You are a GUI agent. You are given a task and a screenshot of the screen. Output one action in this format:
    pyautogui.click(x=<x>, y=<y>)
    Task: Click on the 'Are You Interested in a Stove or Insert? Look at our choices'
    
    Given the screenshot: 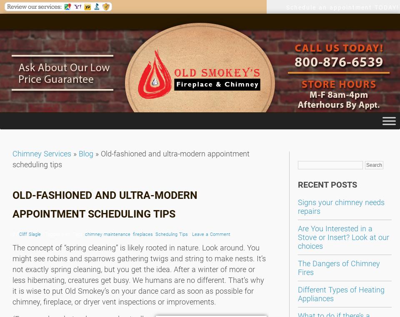 What is the action you would take?
    pyautogui.click(x=343, y=237)
    